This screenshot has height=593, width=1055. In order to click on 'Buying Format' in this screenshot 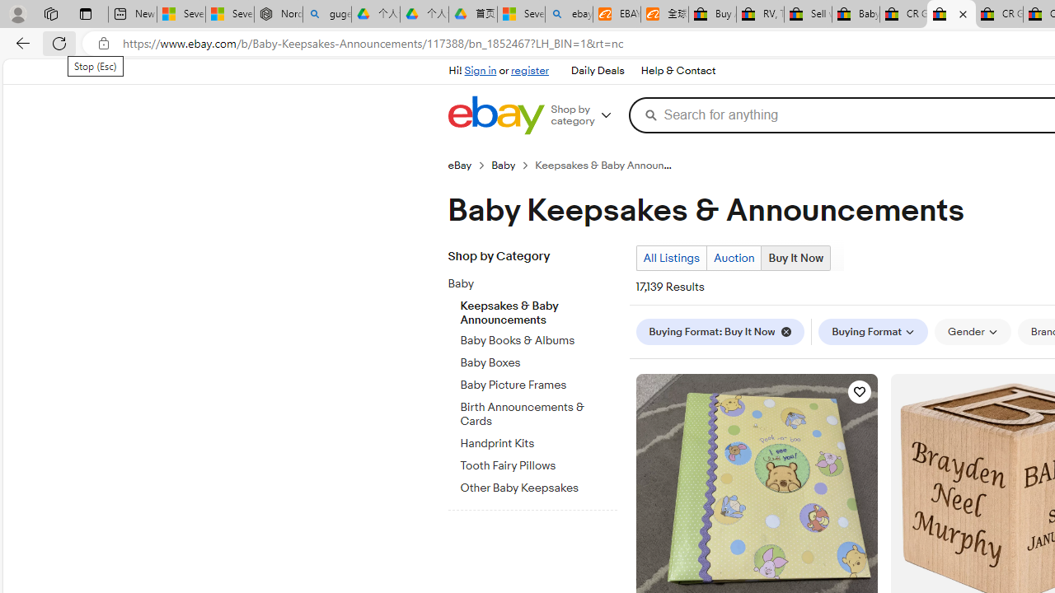, I will do `click(872, 331)`.